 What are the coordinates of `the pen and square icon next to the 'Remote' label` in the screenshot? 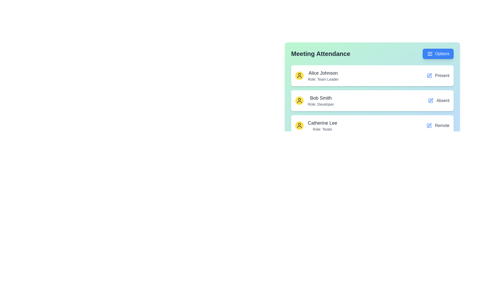 It's located at (438, 125).